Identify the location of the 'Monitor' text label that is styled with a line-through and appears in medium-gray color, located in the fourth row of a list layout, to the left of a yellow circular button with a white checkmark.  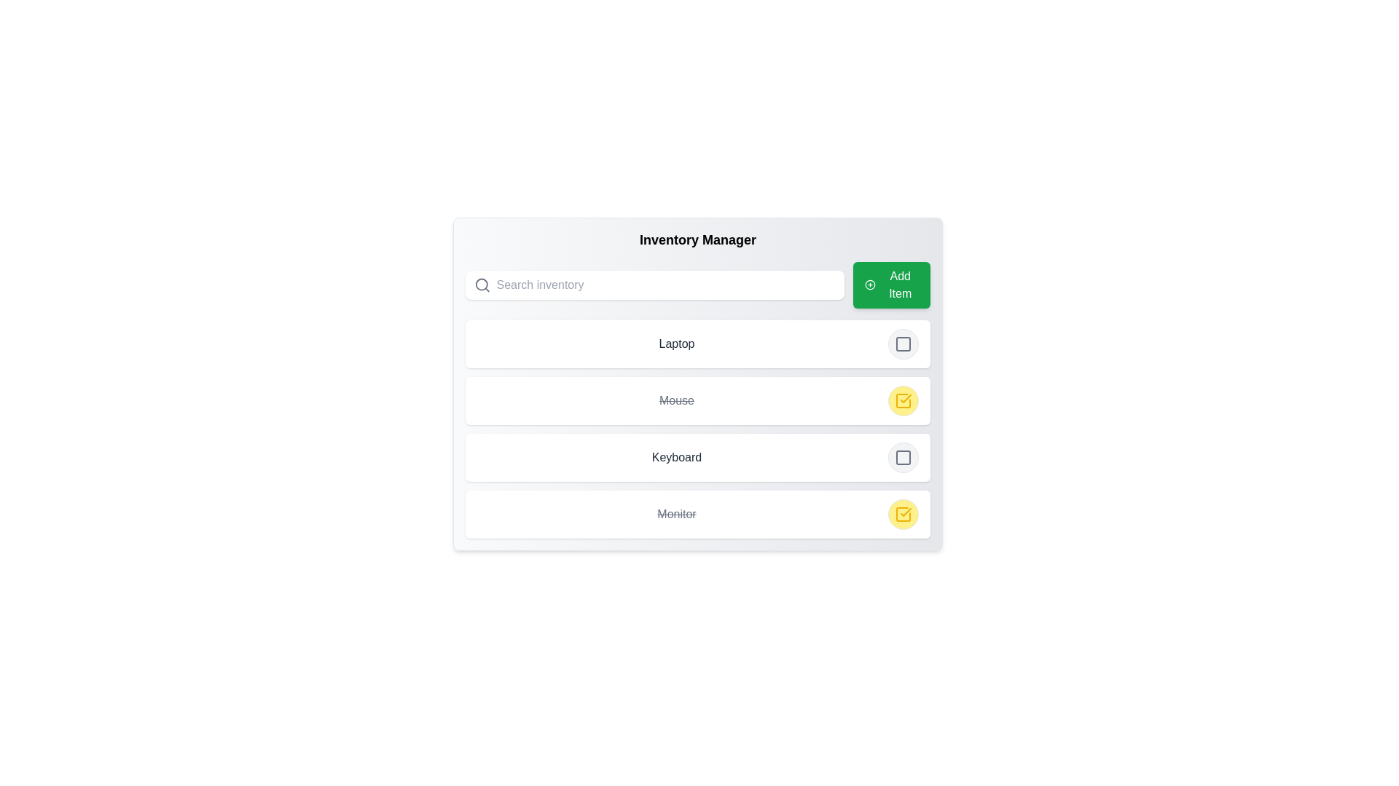
(676, 513).